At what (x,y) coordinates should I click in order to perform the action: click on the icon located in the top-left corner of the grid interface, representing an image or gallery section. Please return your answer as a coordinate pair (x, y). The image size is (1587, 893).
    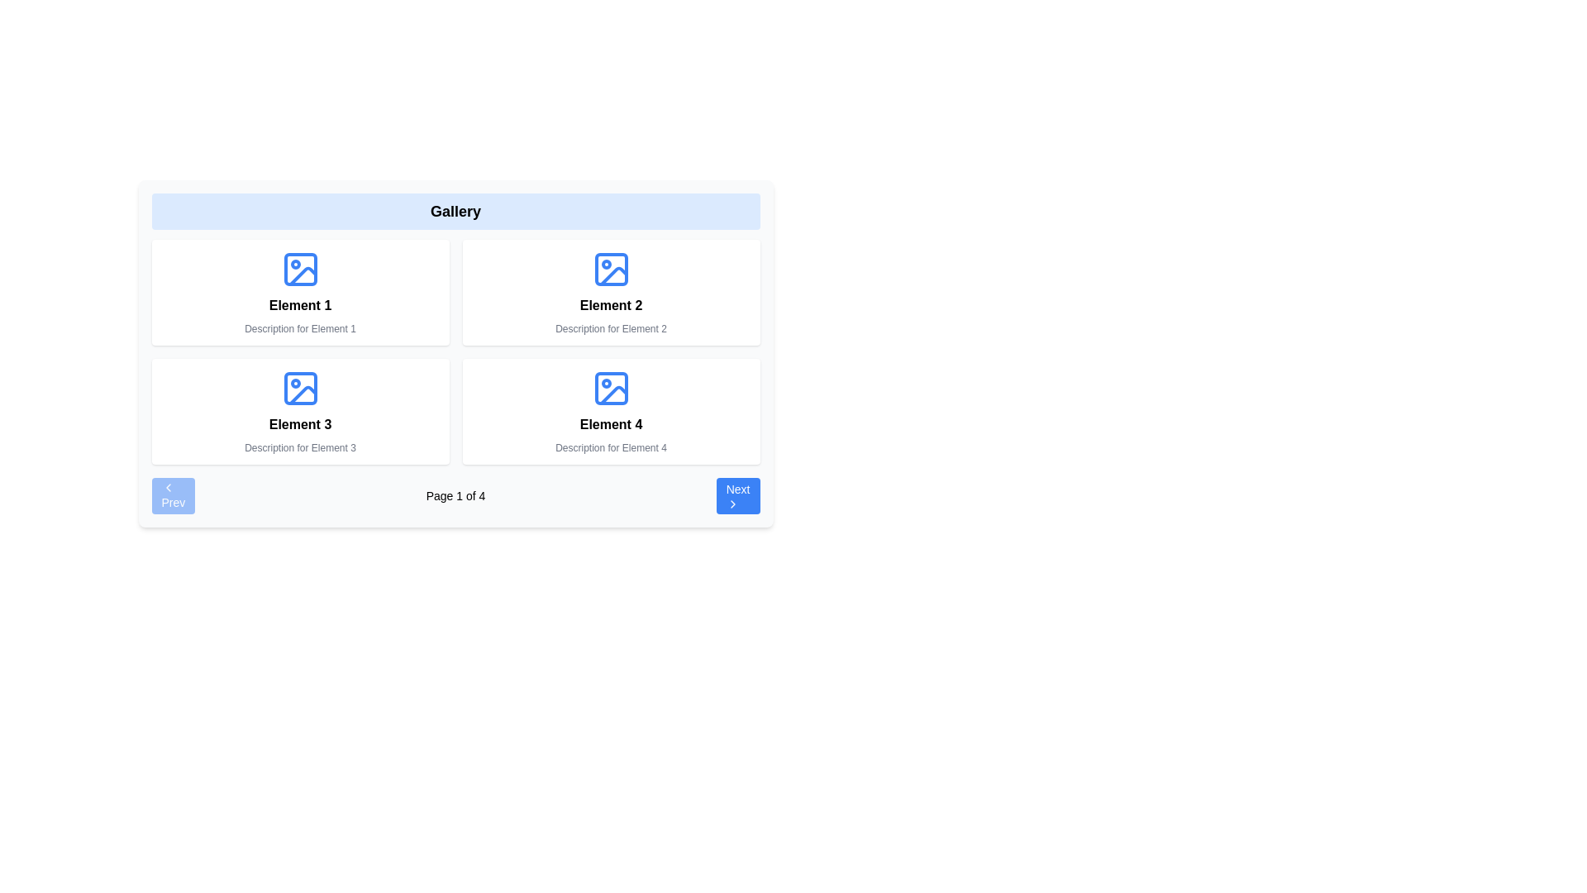
    Looking at the image, I should click on (300, 269).